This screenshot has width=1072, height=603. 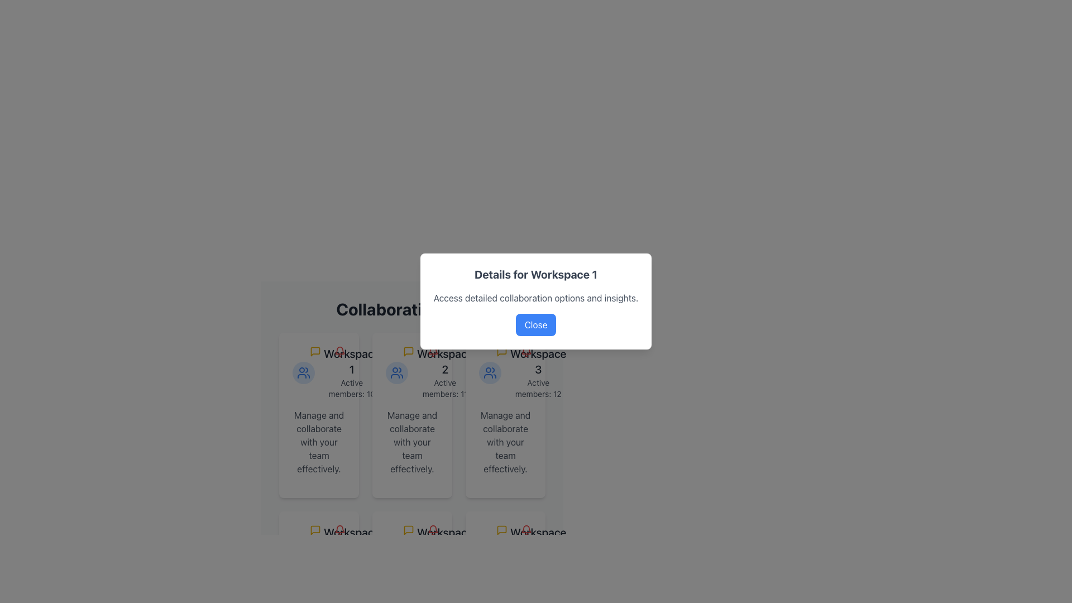 What do you see at coordinates (538, 387) in the screenshot?
I see `the Text Label displaying 'Active members: 12', which is located below the title 'Workspace 3' on the right-hand side of the interface` at bounding box center [538, 387].